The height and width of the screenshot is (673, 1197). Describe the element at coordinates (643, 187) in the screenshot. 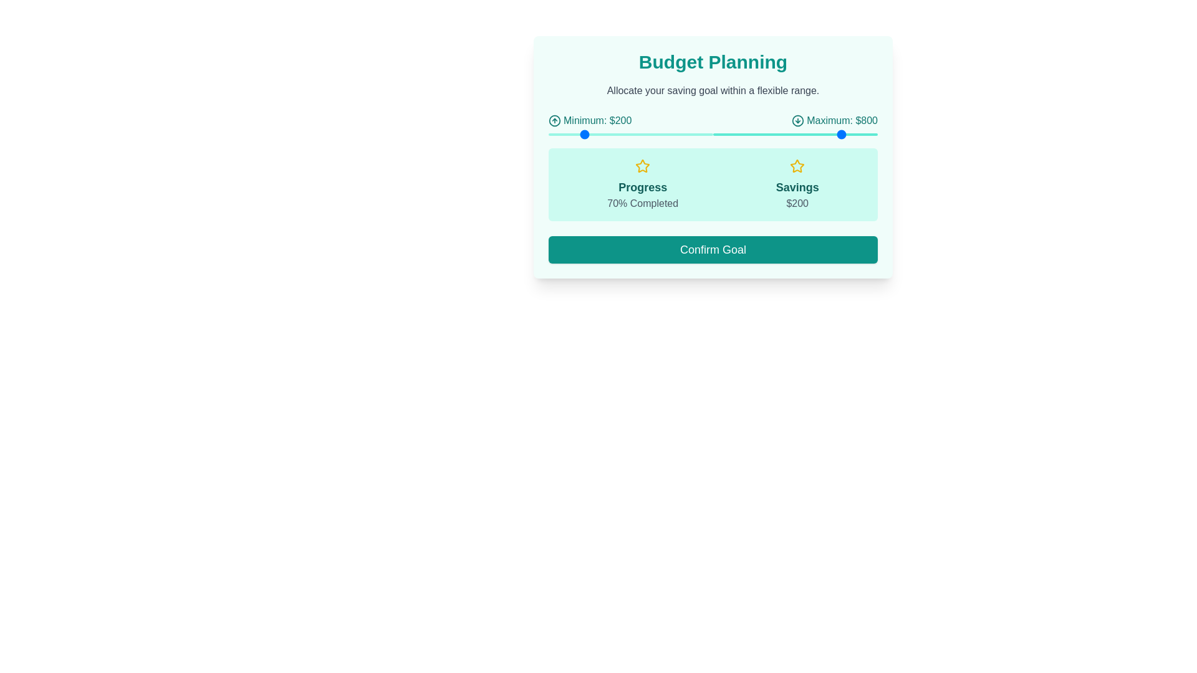

I see `the text label displaying 'Progress' in a bold, large-sized teal font, located in the light green section above the text '70% Completed'` at that location.